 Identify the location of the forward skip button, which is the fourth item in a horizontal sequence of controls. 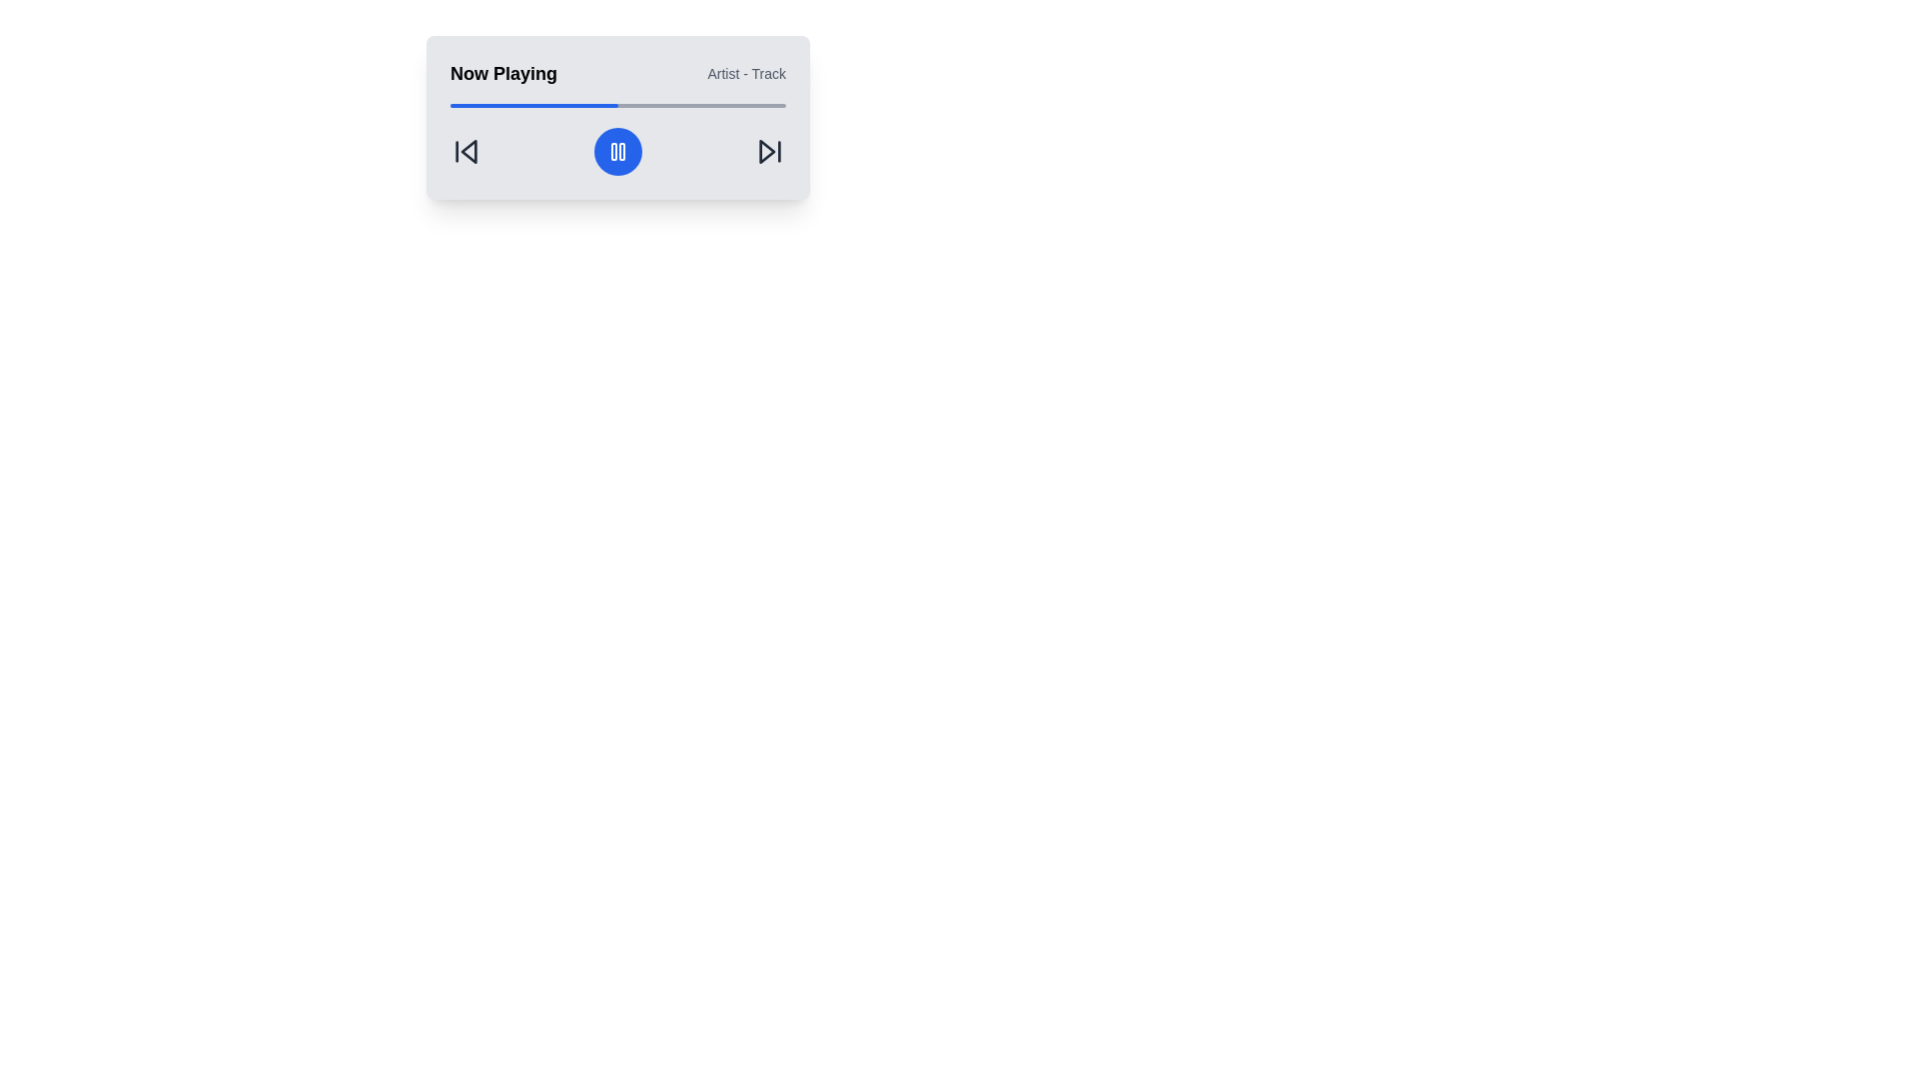
(769, 150).